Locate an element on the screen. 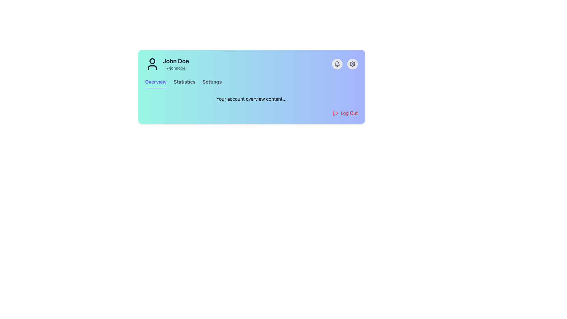 The height and width of the screenshot is (319, 567). the 'Log Out' button positioned at the bottom-right corner of the user profile section to observe the color change effect is located at coordinates (345, 113).